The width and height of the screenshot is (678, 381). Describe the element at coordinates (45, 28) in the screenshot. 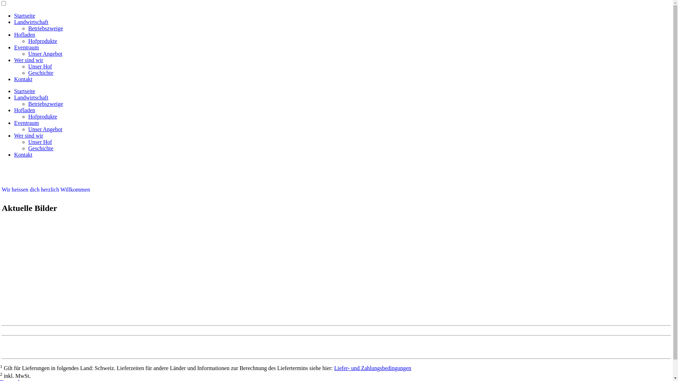

I see `'Betriebszweige'` at that location.